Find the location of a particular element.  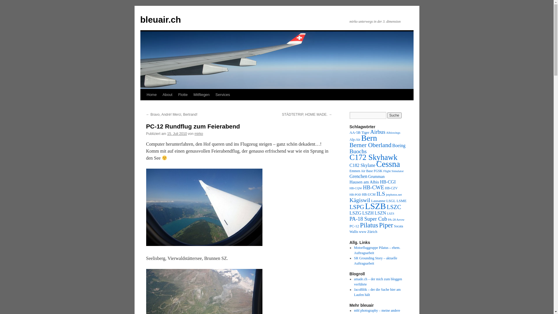

'15. Juli 2010' is located at coordinates (177, 133).